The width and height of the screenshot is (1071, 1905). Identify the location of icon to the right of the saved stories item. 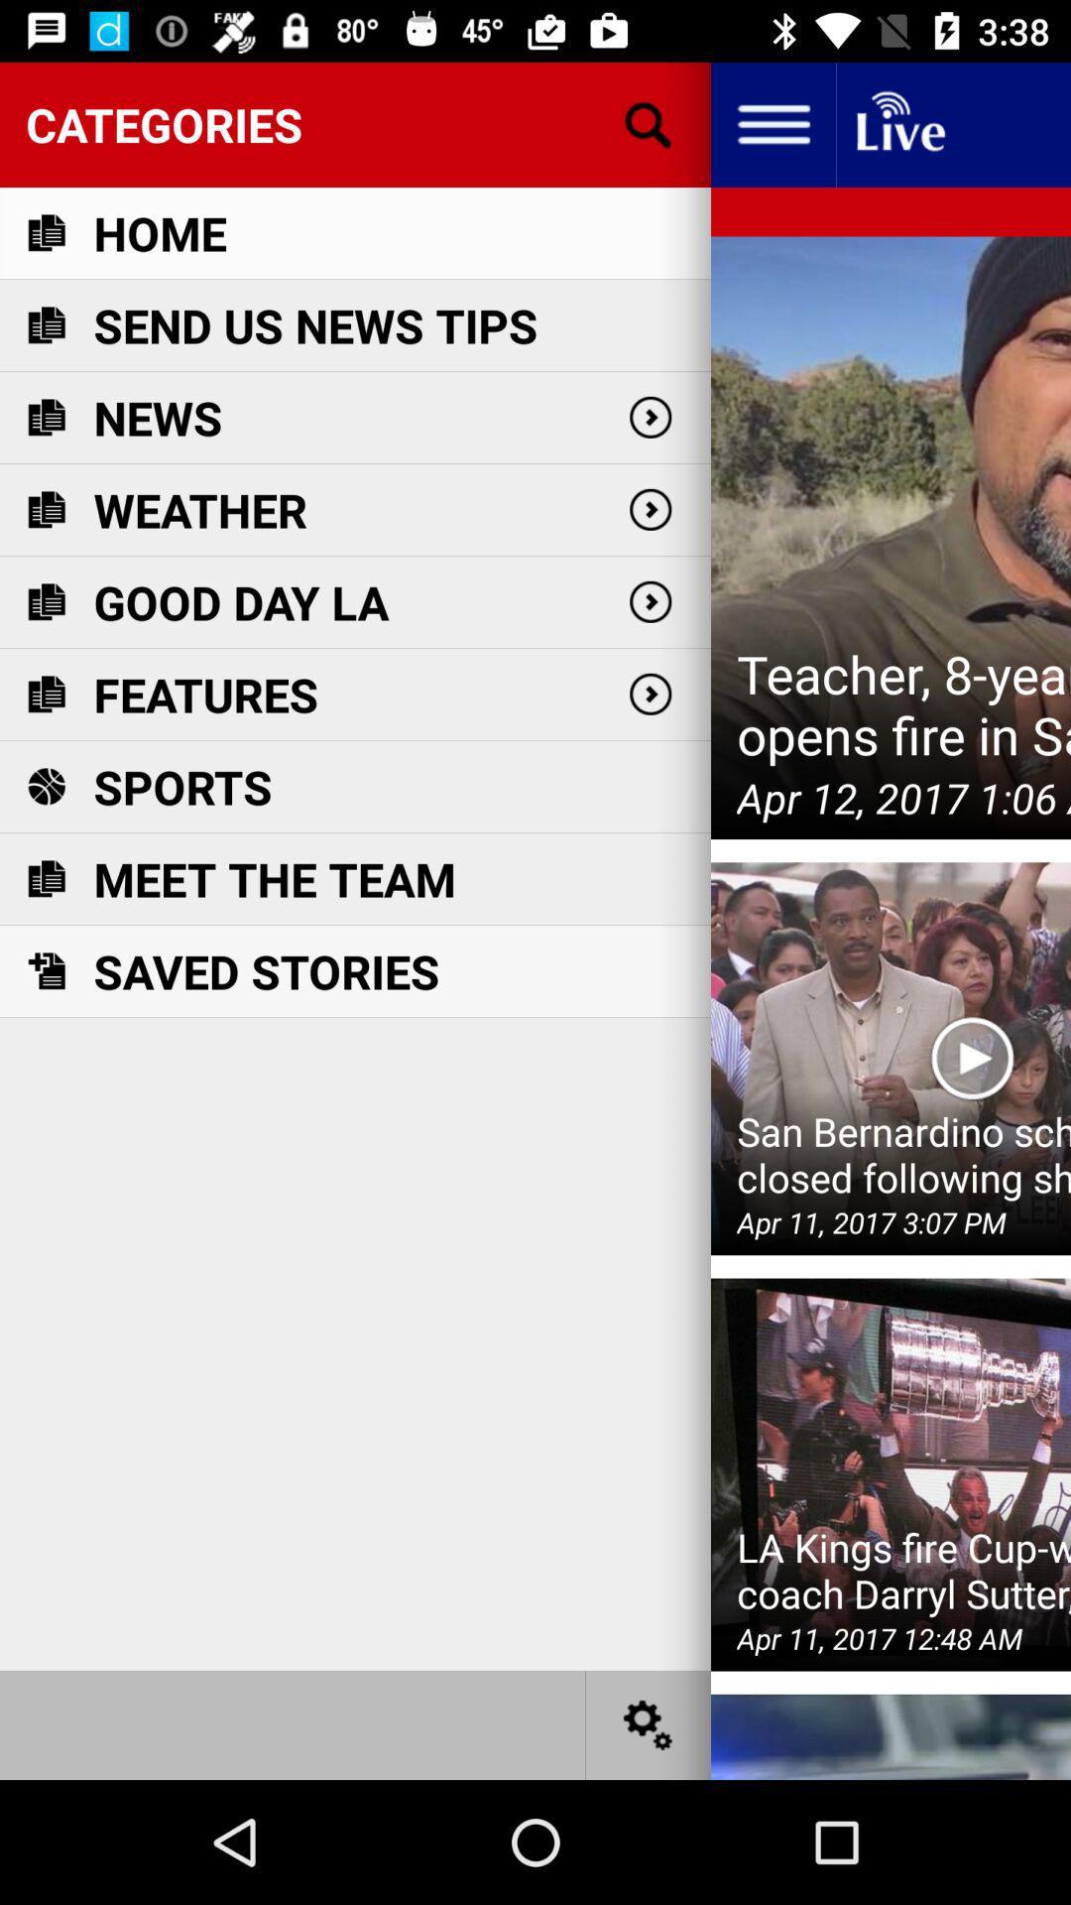
(971, 1058).